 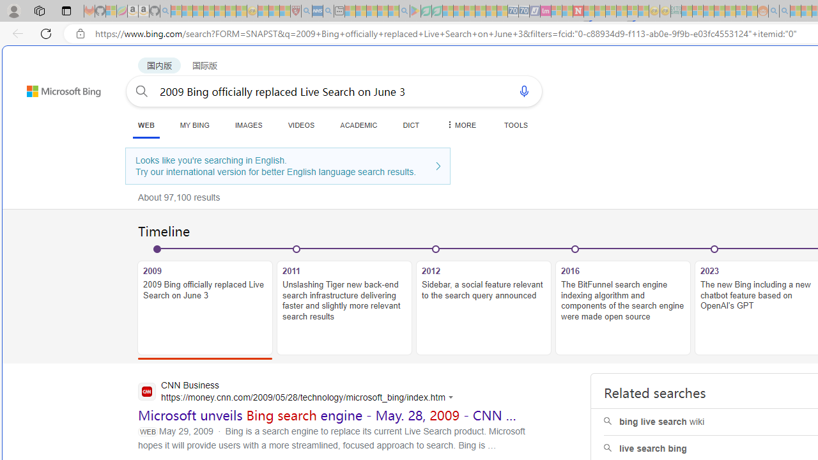 What do you see at coordinates (284, 11) in the screenshot?
I see `'Local - MSN - Sleeping'` at bounding box center [284, 11].